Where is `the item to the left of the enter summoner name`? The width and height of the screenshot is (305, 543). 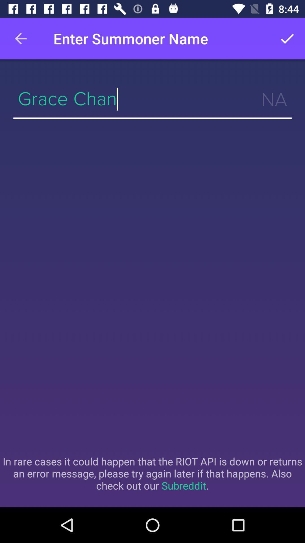
the item to the left of the enter summoner name is located at coordinates (20, 38).